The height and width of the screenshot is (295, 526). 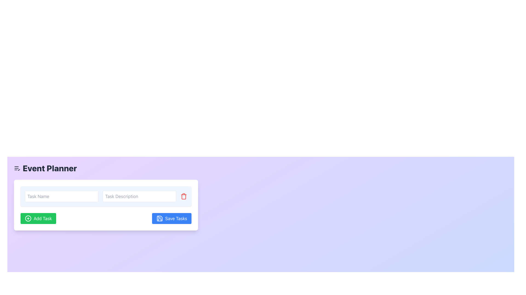 I want to click on the decorative icon inside the green 'Add Task' button located at the bottom left of the task input form, so click(x=28, y=218).